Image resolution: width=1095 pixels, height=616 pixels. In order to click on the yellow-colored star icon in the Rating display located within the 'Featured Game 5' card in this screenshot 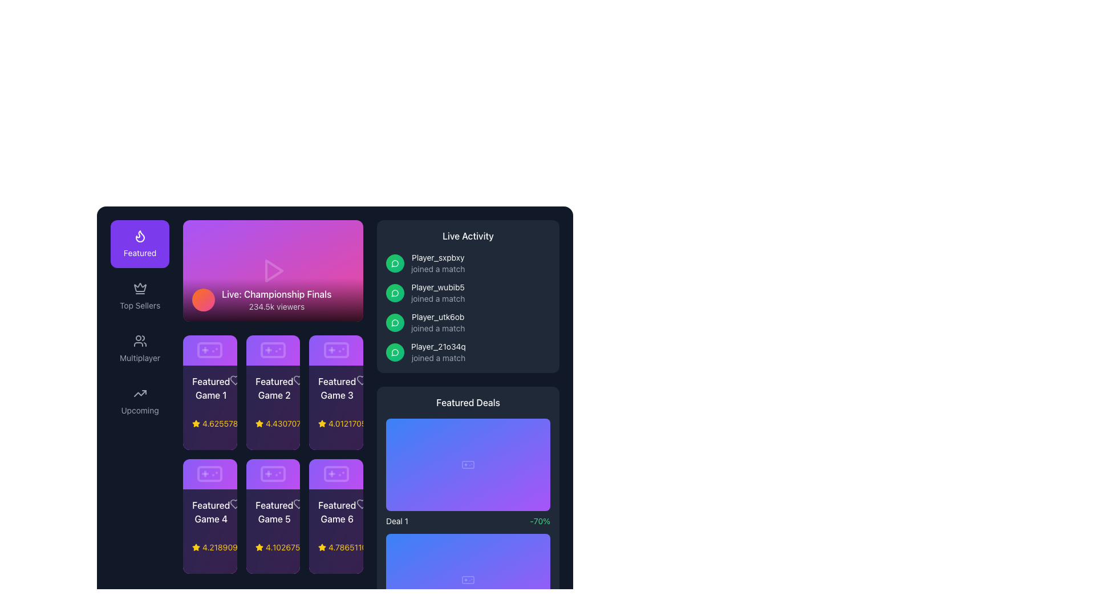, I will do `click(273, 547)`.